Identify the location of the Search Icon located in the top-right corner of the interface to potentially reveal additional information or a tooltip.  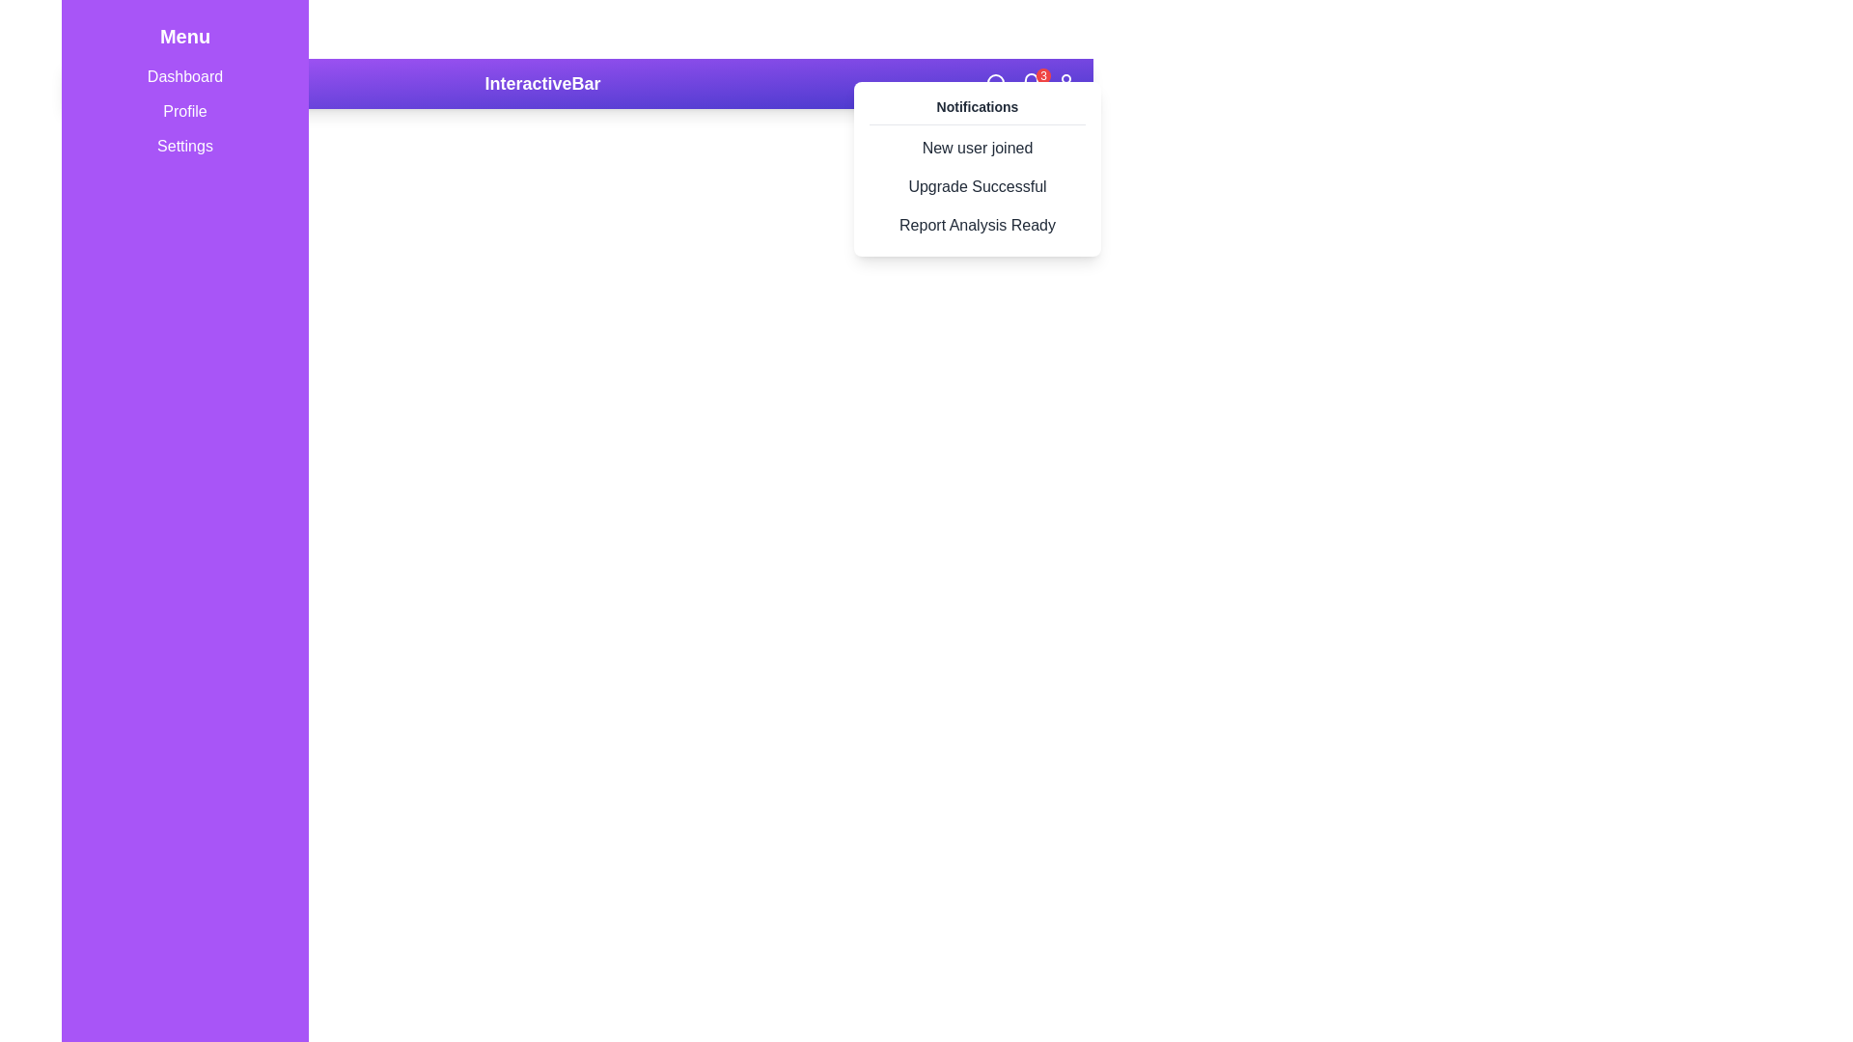
(996, 83).